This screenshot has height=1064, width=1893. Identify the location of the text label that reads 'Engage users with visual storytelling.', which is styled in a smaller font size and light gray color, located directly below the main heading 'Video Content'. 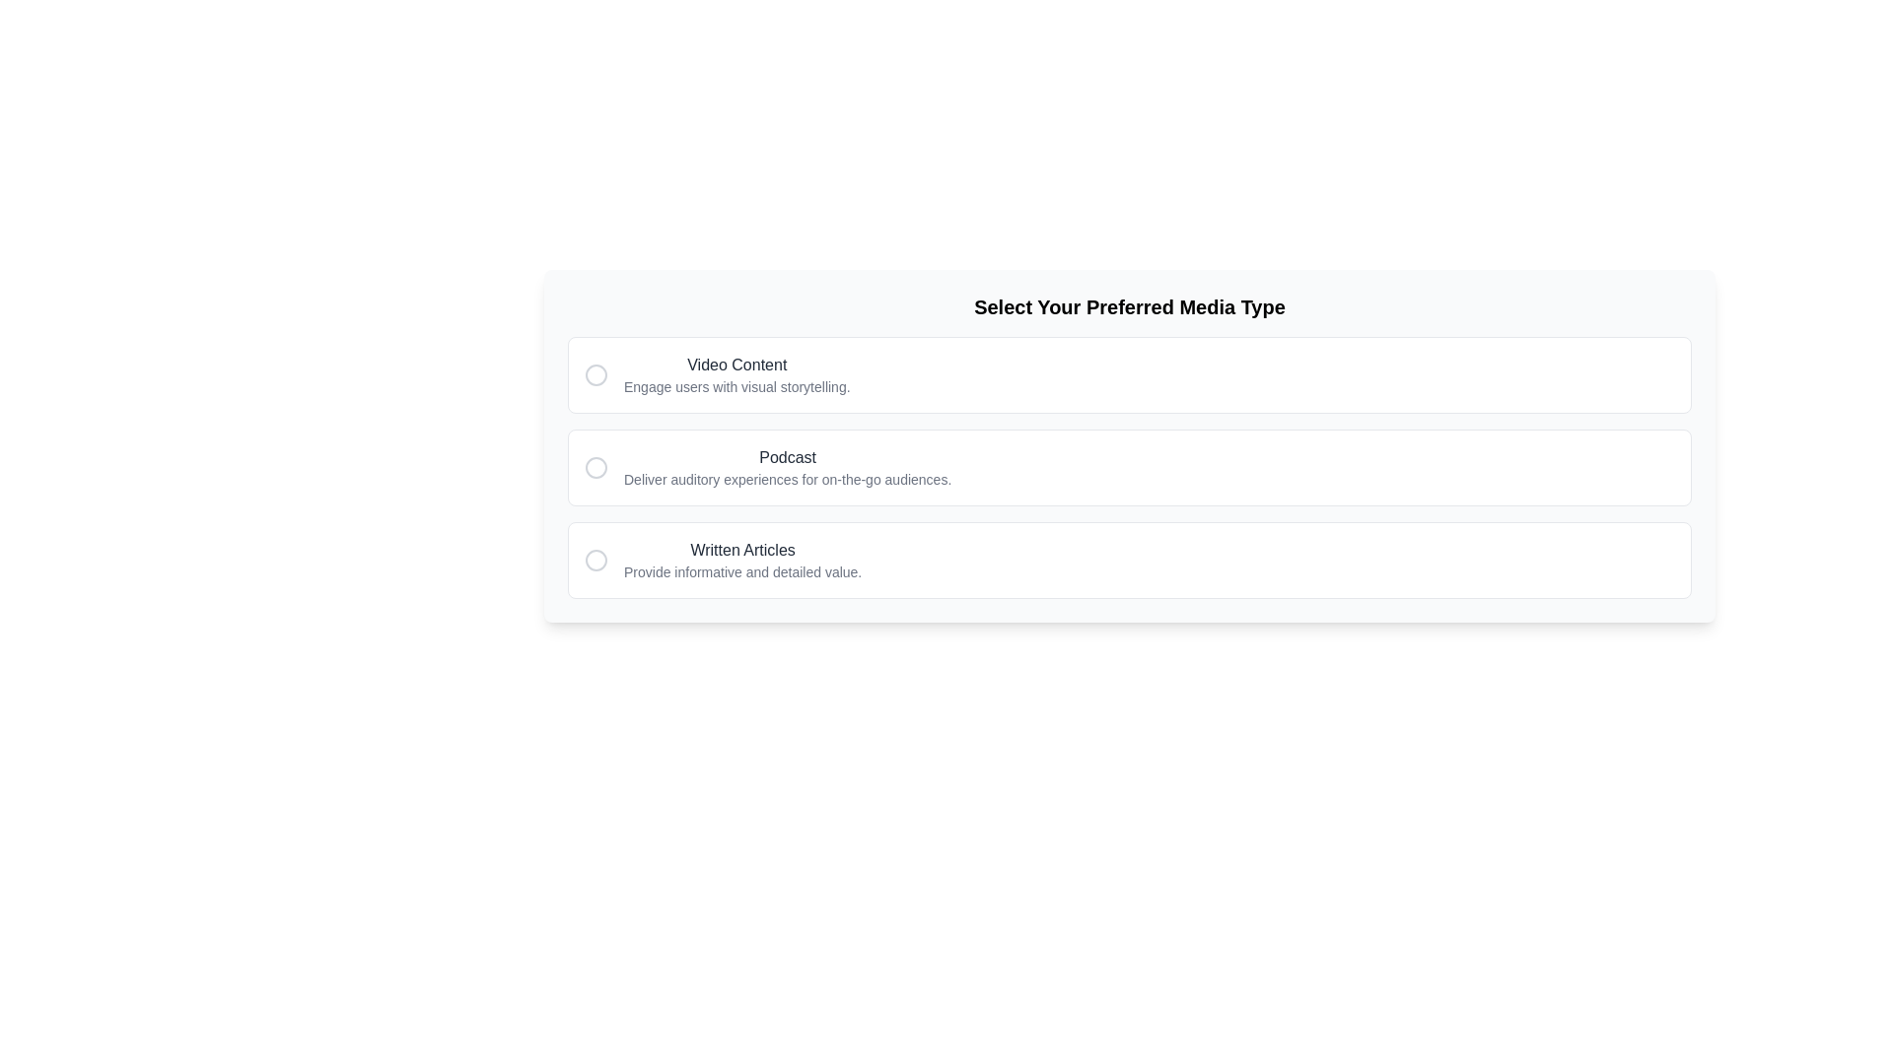
(736, 387).